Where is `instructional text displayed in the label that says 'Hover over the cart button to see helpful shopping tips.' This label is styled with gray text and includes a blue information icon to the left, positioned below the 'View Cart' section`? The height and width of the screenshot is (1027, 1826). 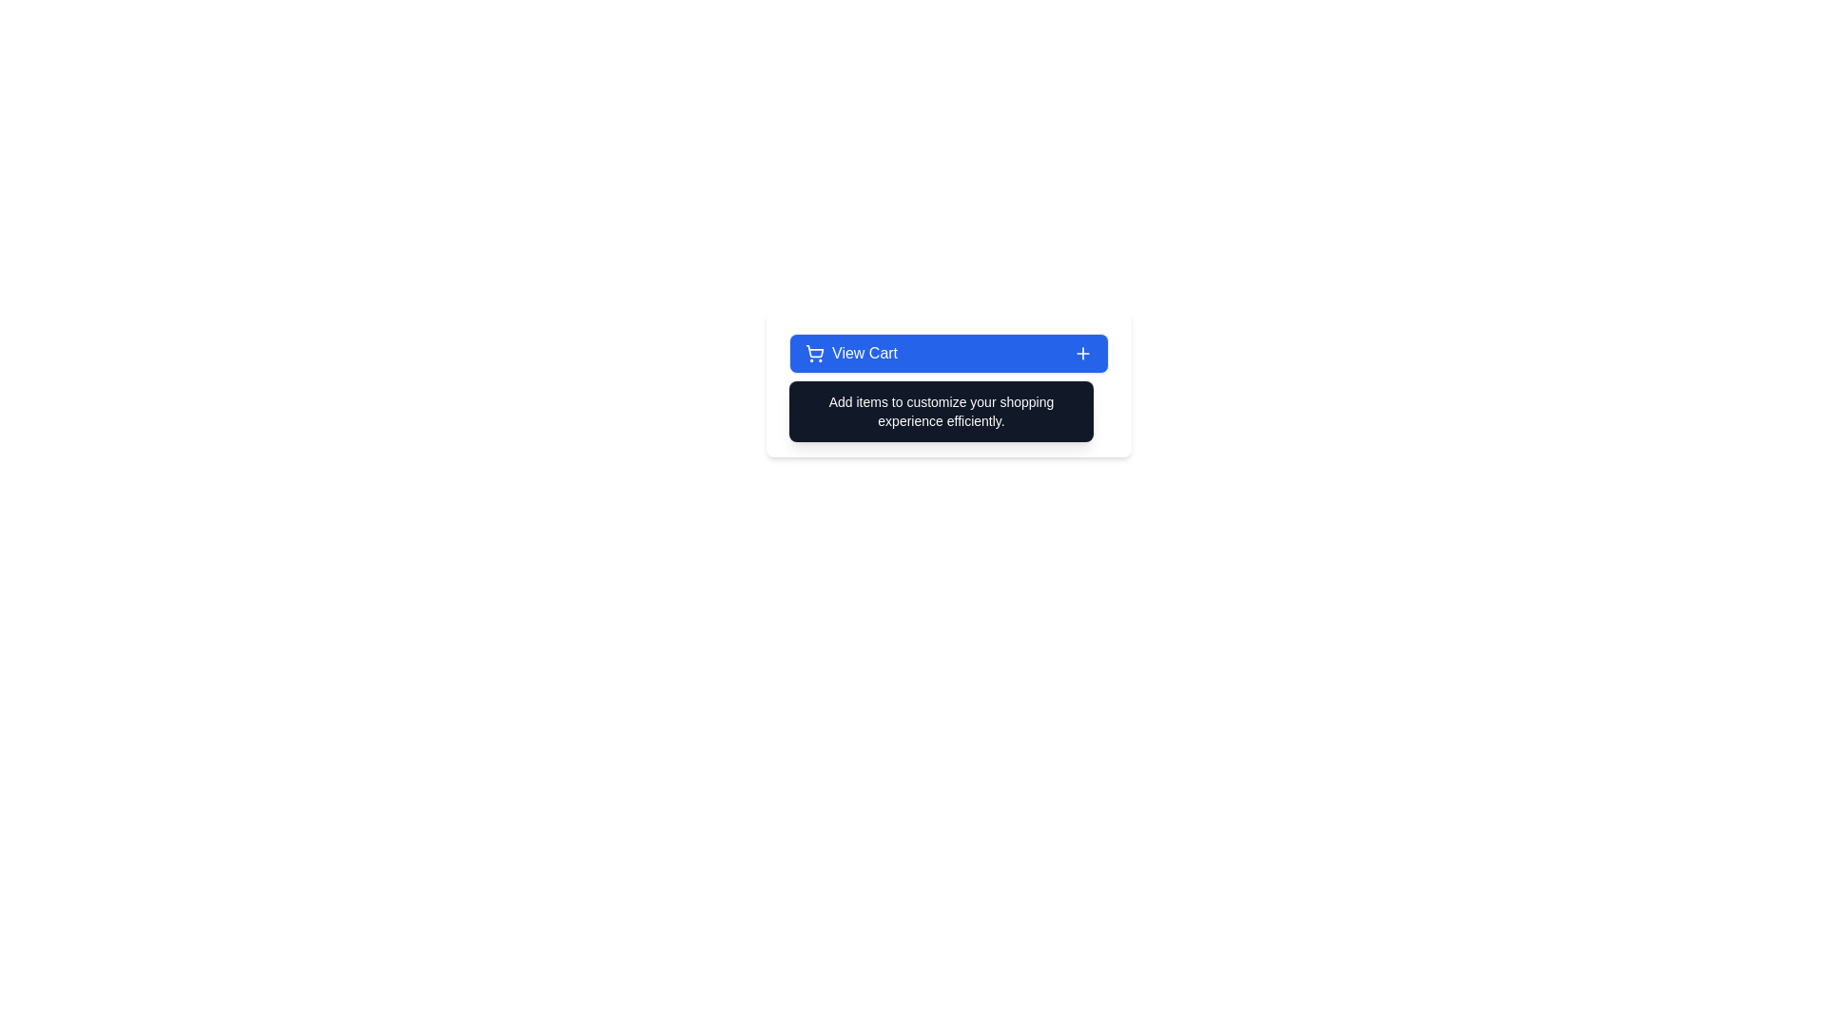 instructional text displayed in the label that says 'Hover over the cart button to see helpful shopping tips.' This label is styled with gray text and includes a blue information icon to the left, positioned below the 'View Cart' section is located at coordinates (949, 414).